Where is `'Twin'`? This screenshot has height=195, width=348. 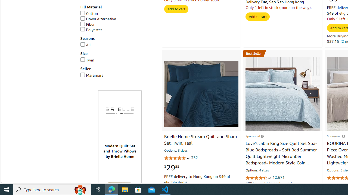 'Twin' is located at coordinates (87, 60).